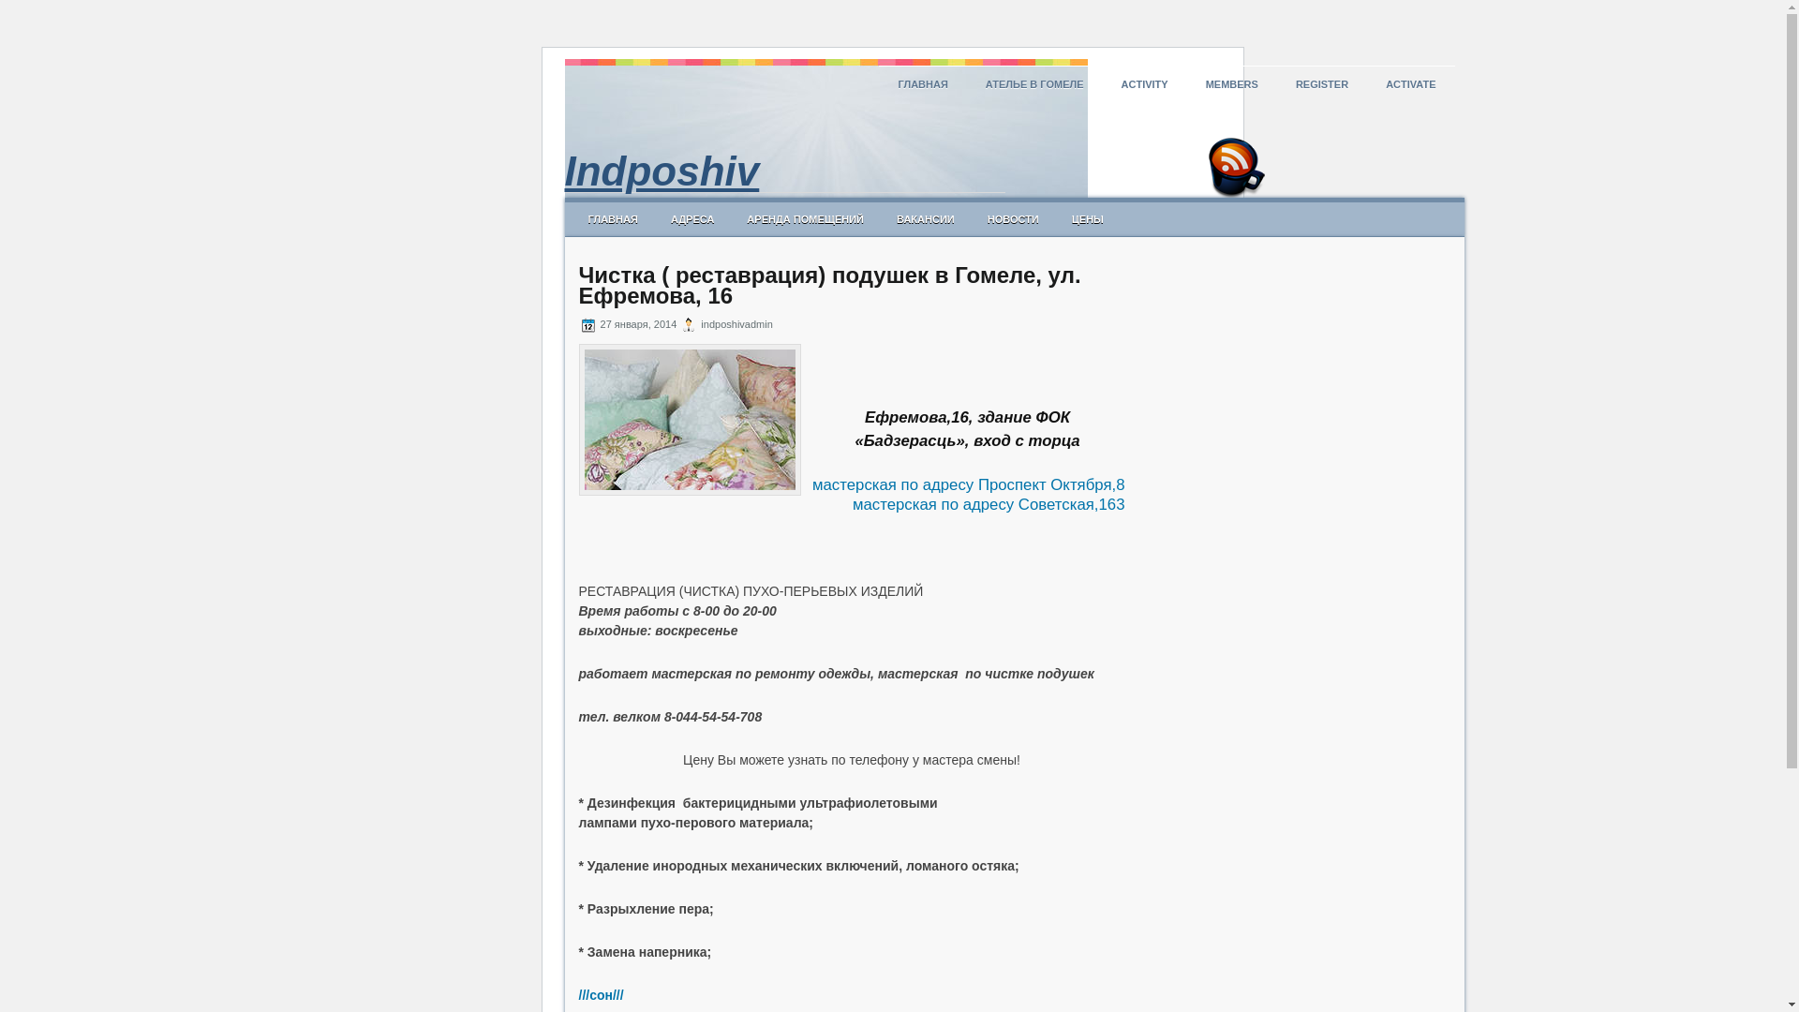 The image size is (1799, 1012). Describe the element at coordinates (661, 171) in the screenshot. I see `'Indposhiv'` at that location.